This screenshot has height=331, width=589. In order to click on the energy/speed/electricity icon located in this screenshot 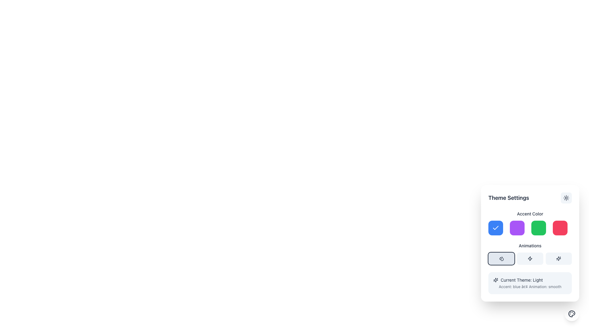, I will do `click(530, 259)`.